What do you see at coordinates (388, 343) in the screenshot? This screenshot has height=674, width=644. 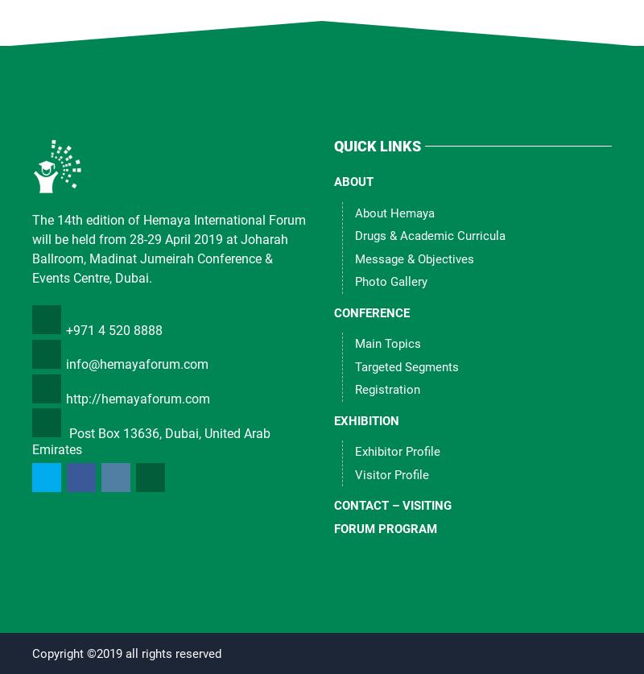 I see `'Main Topics'` at bounding box center [388, 343].